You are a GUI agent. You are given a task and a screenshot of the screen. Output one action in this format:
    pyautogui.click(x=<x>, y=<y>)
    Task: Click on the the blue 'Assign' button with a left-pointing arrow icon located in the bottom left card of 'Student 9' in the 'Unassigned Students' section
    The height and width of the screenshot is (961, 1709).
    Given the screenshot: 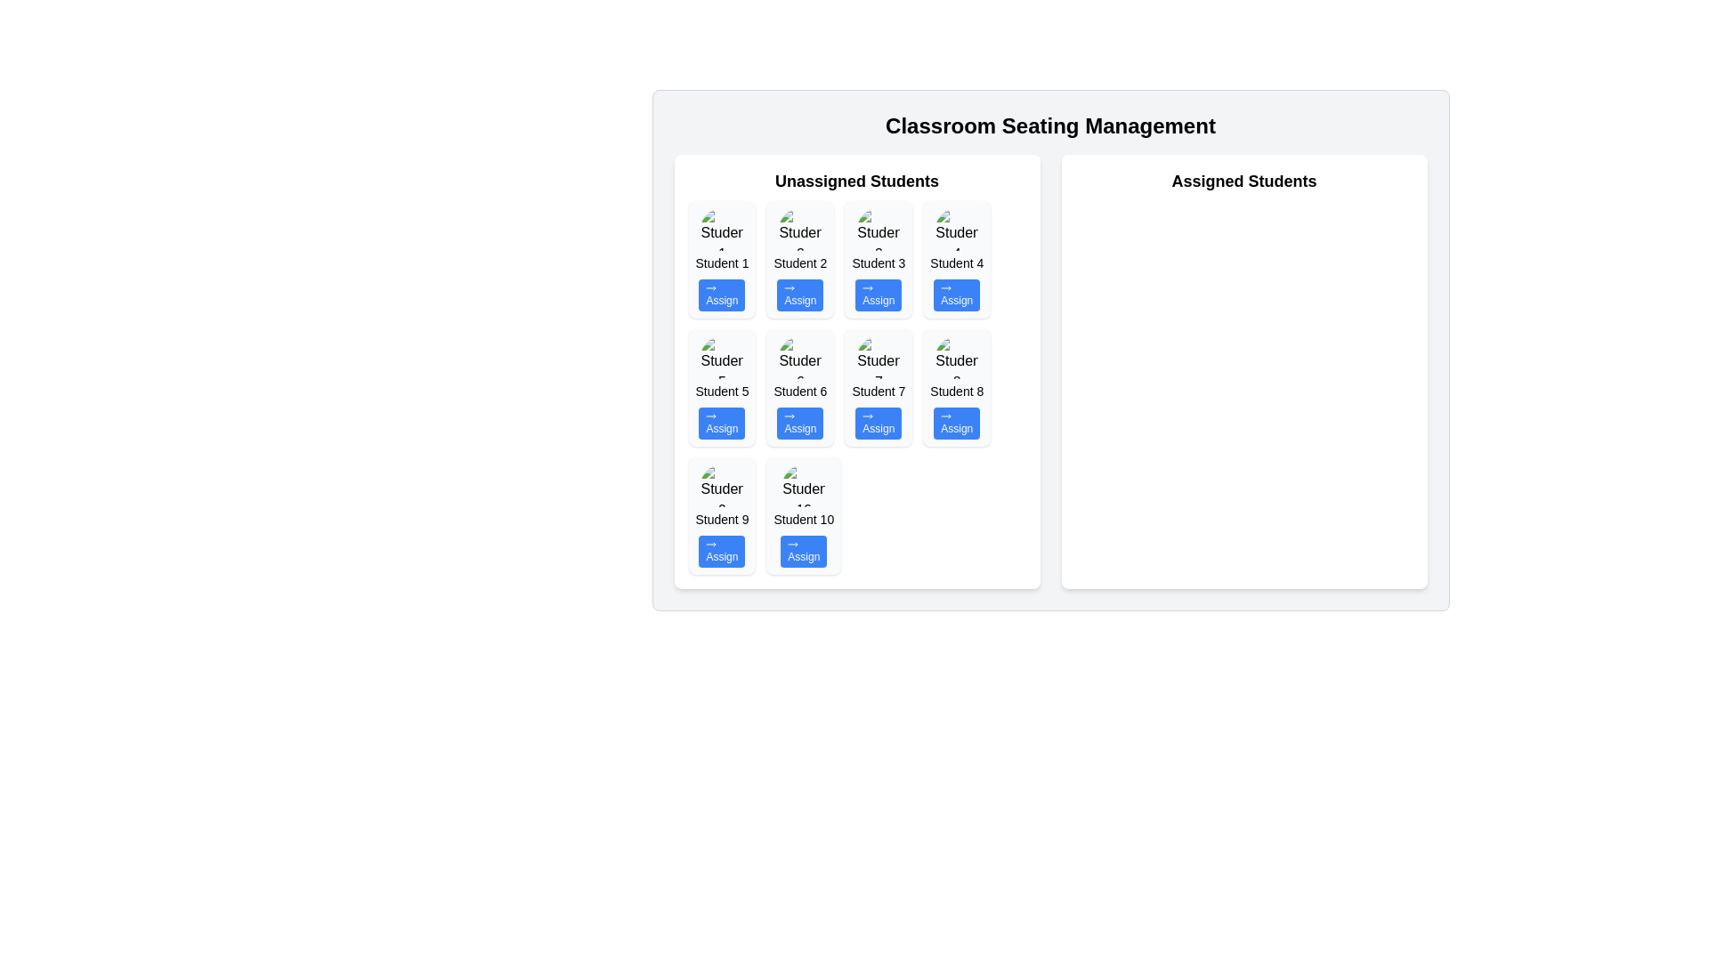 What is the action you would take?
    pyautogui.click(x=722, y=551)
    